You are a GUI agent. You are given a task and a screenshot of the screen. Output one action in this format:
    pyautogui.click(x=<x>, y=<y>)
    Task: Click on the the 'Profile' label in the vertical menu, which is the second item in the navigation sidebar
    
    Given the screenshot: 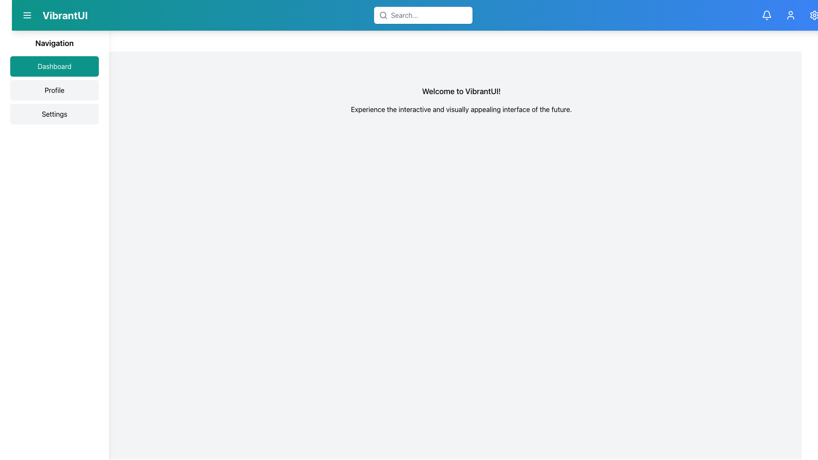 What is the action you would take?
    pyautogui.click(x=54, y=90)
    